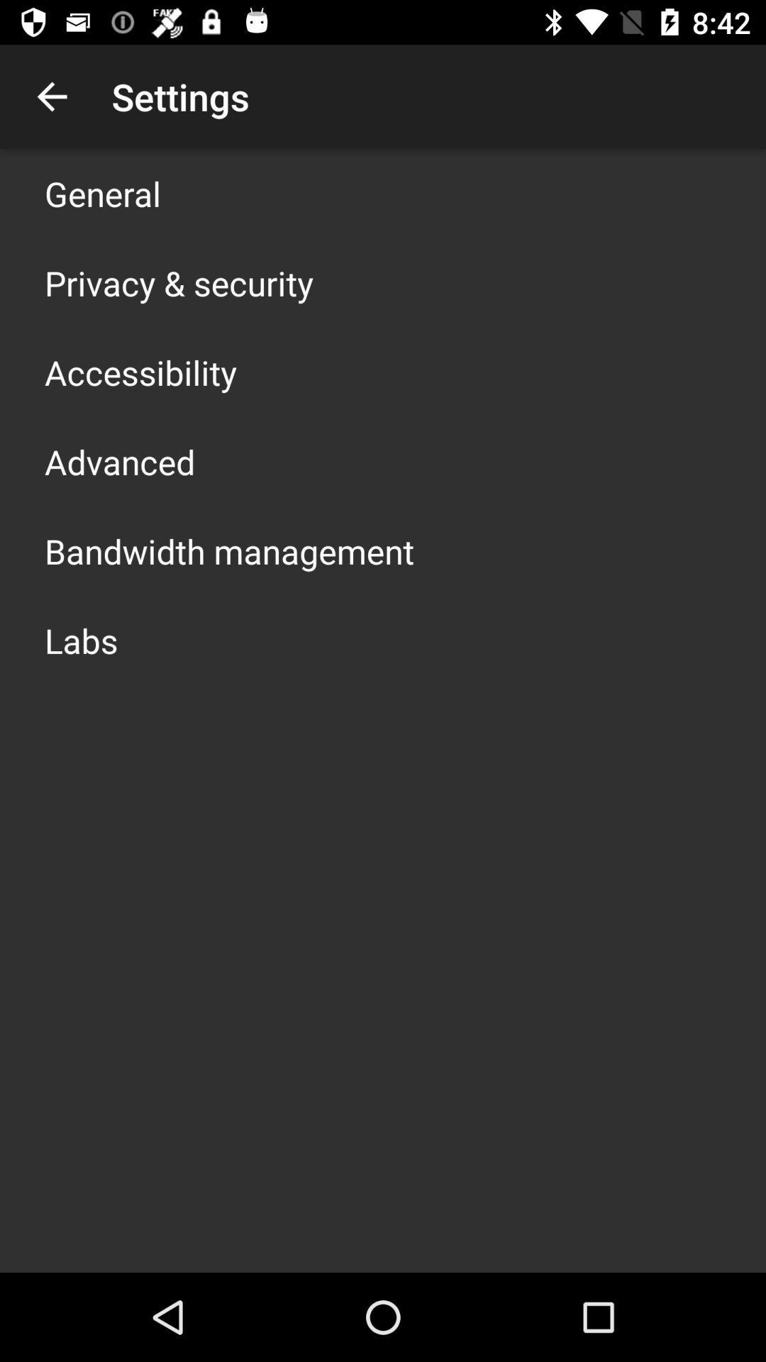  Describe the element at coordinates (102, 193) in the screenshot. I see `the icon above privacy & security icon` at that location.